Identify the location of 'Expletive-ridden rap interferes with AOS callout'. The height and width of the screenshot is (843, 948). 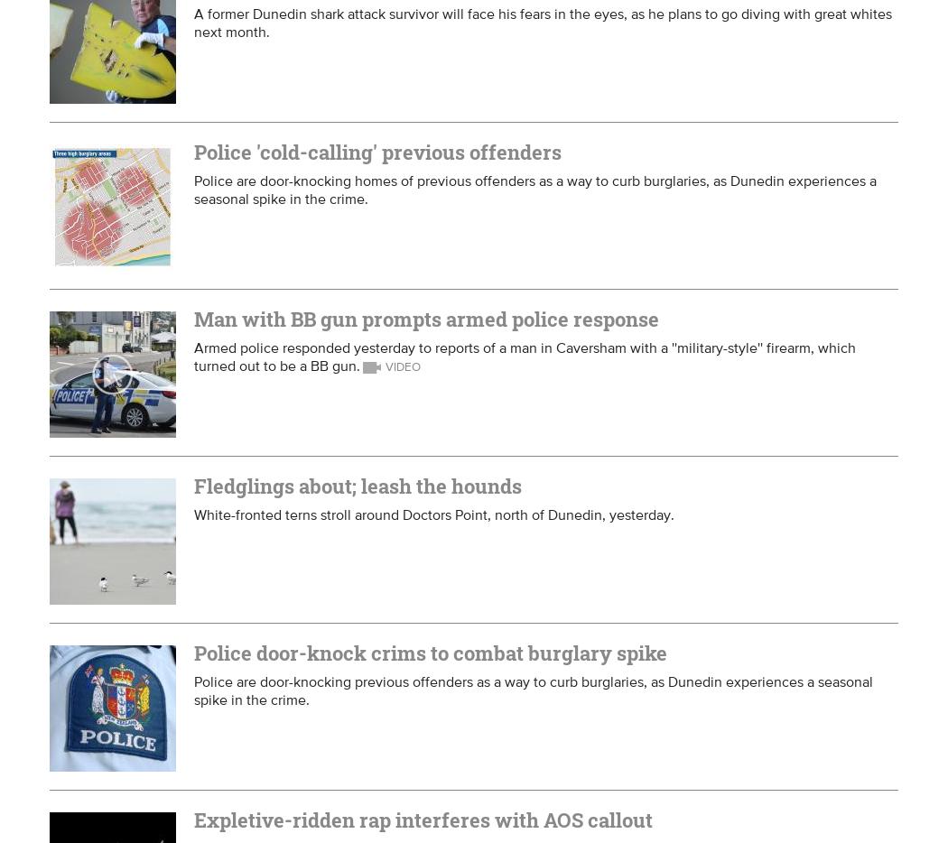
(423, 820).